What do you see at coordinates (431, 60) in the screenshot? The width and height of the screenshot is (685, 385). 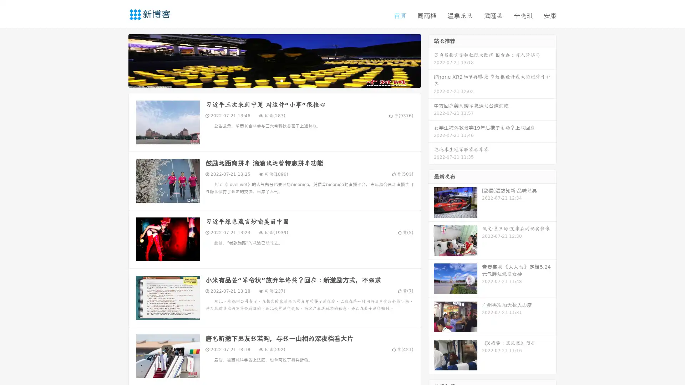 I see `Next slide` at bounding box center [431, 60].